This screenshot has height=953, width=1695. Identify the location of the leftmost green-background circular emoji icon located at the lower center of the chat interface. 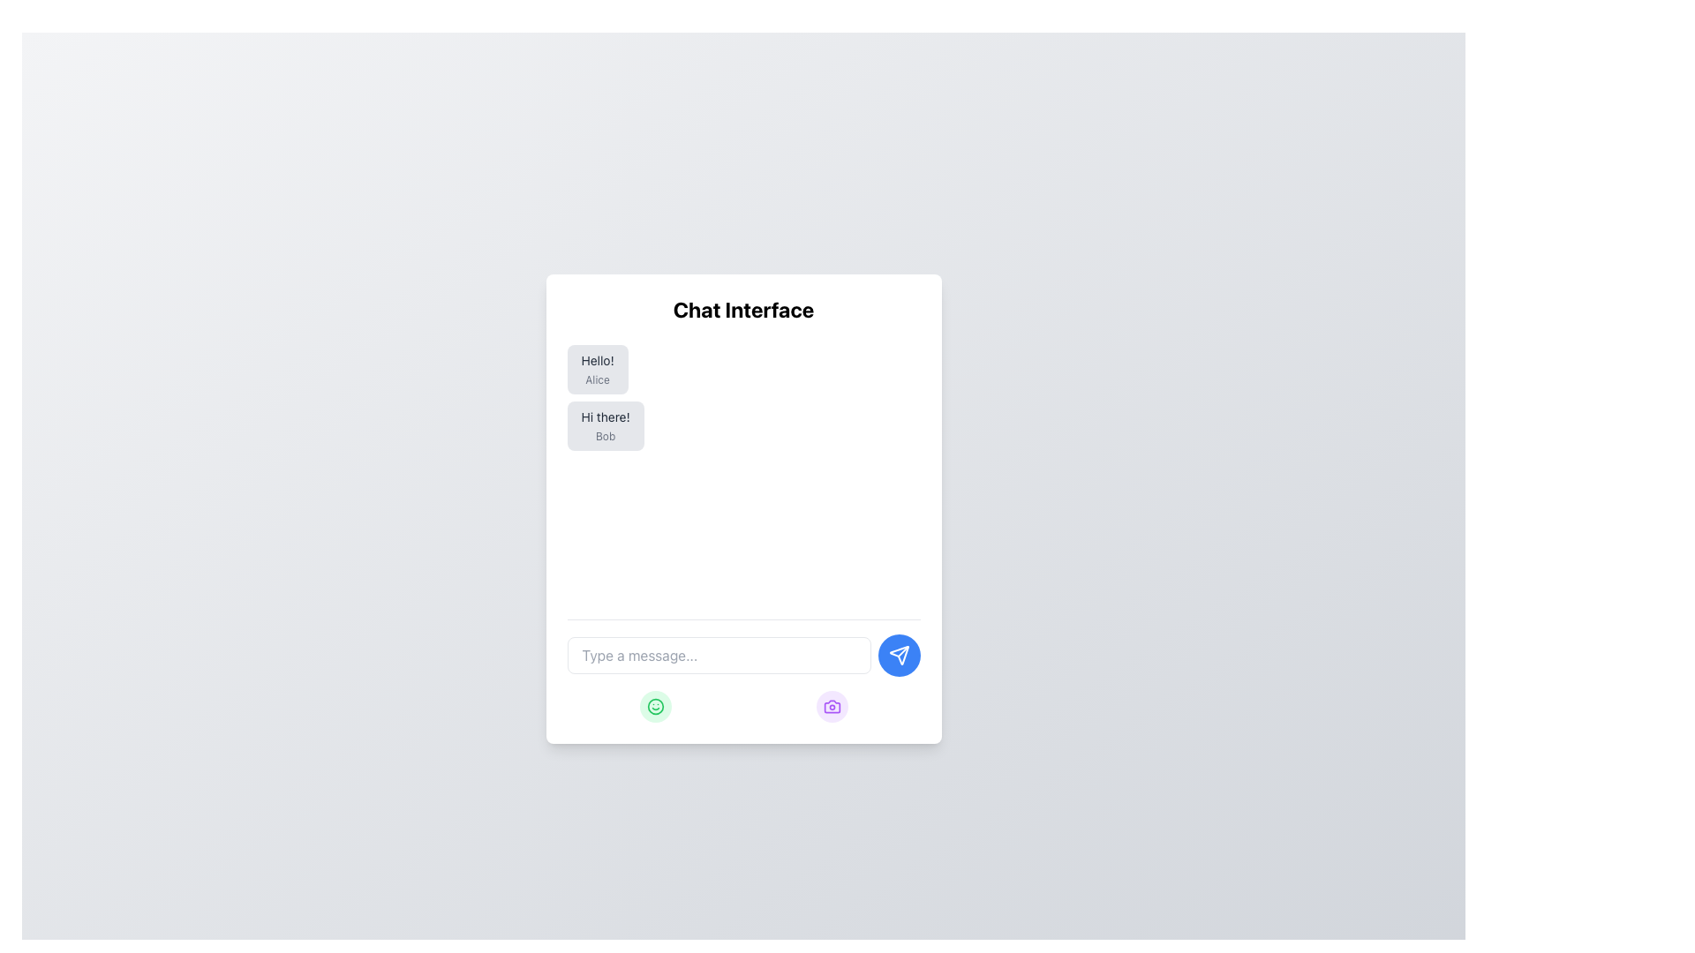
(654, 706).